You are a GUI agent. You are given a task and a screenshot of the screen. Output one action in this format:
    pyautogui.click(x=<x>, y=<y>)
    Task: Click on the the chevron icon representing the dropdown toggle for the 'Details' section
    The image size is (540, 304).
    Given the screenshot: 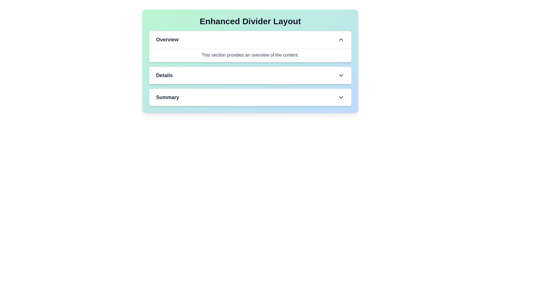 What is the action you would take?
    pyautogui.click(x=341, y=75)
    